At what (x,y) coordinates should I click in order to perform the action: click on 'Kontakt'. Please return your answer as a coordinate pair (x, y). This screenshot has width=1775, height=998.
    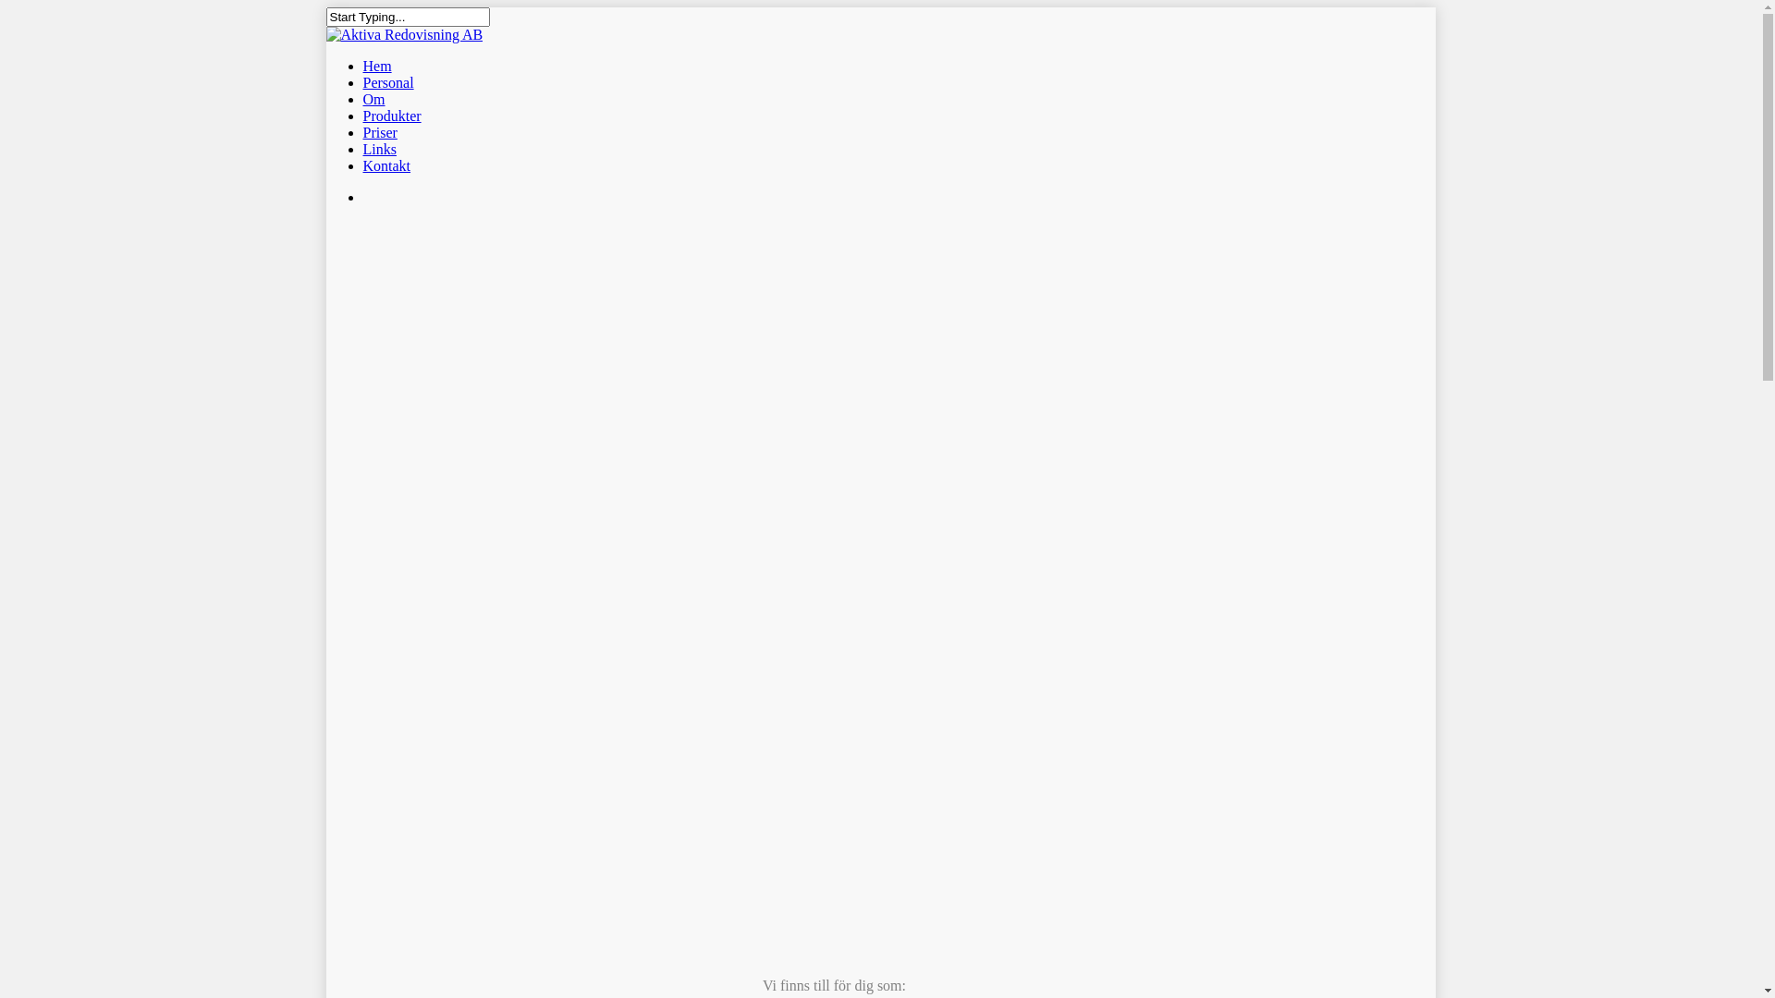
    Looking at the image, I should click on (385, 164).